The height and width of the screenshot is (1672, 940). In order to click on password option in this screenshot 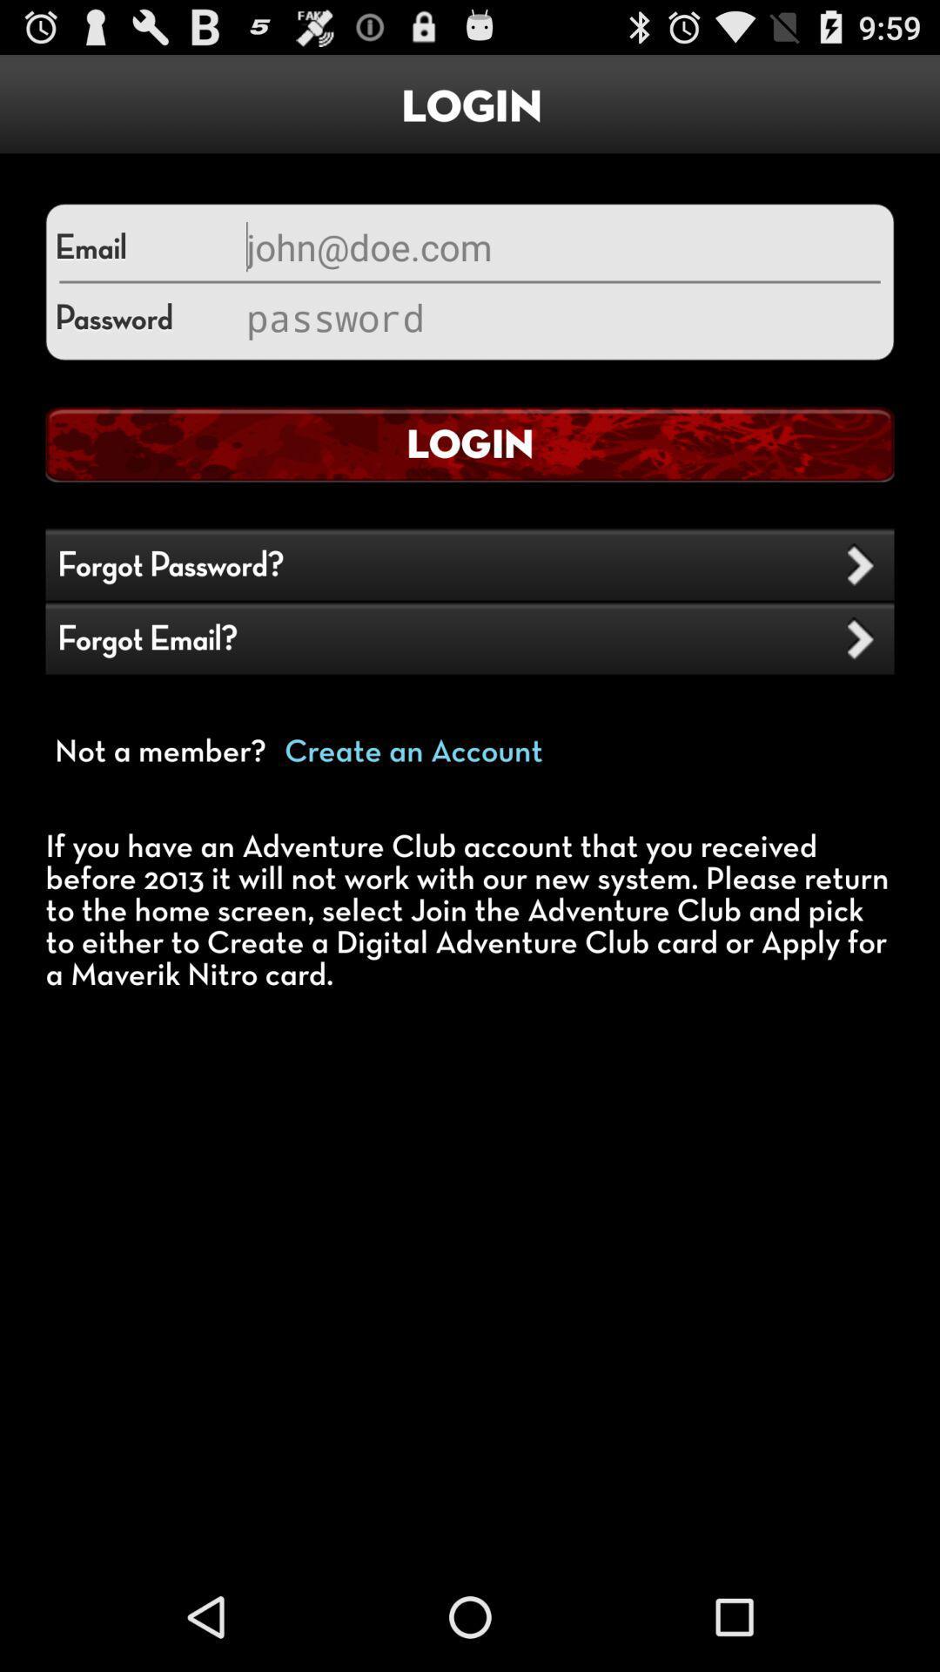, I will do `click(561, 317)`.